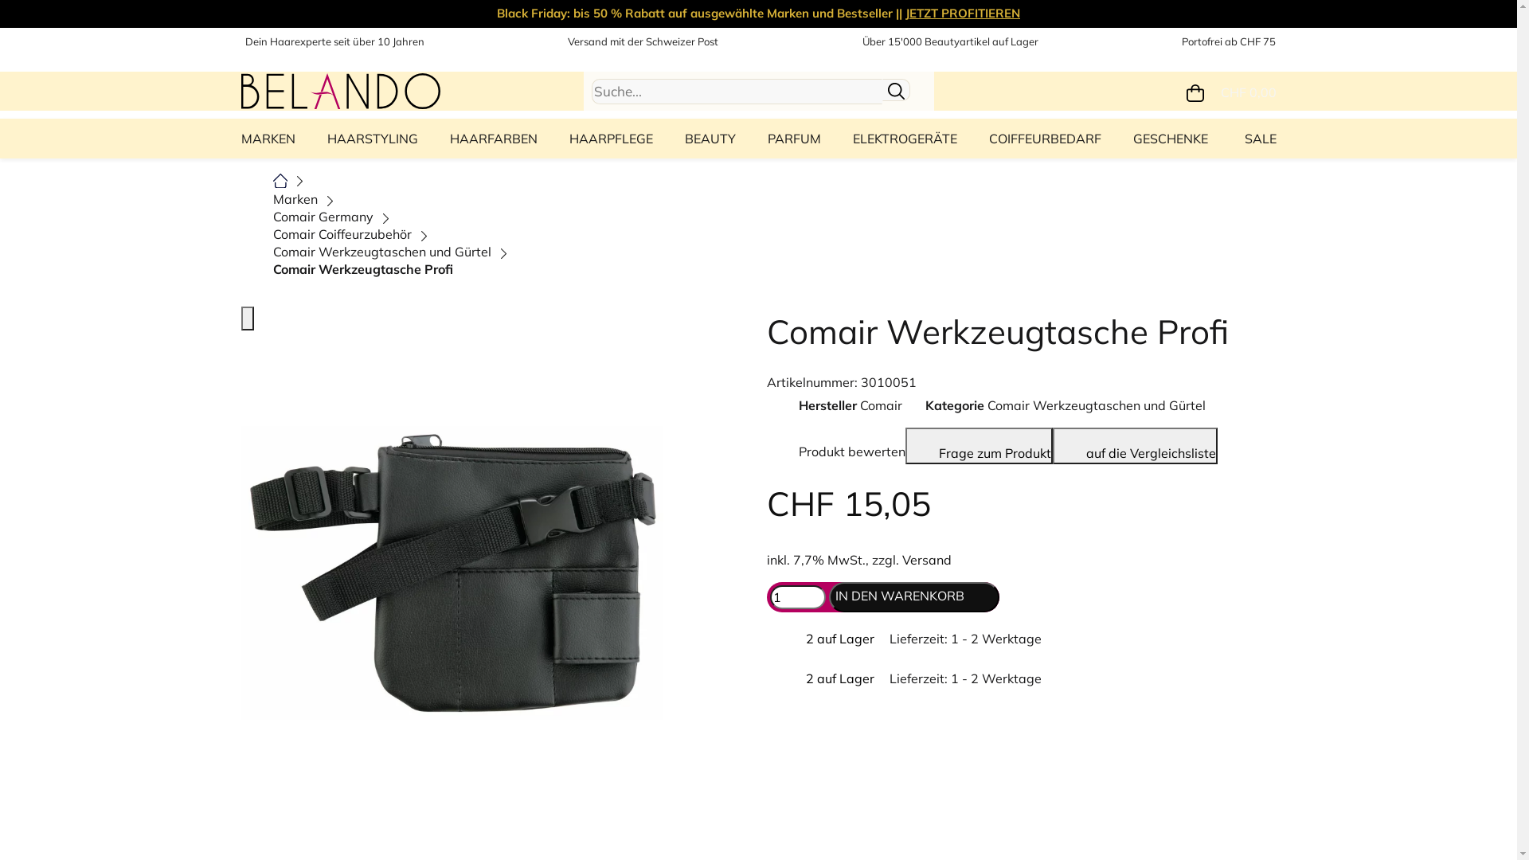  I want to click on 'HAARSTYLING', so click(370, 137).